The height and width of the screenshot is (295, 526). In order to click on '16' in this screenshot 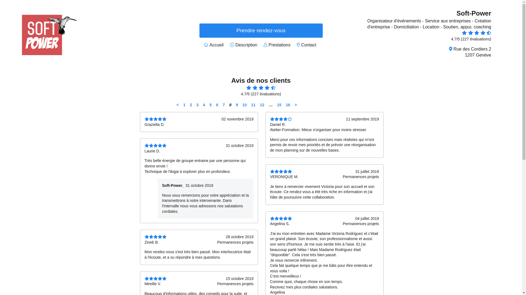, I will do `click(284, 105)`.